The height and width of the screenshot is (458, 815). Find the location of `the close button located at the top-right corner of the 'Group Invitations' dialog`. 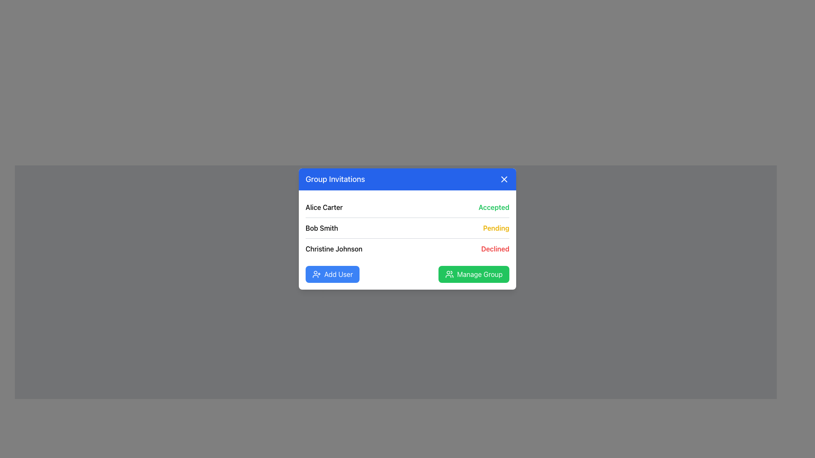

the close button located at the top-right corner of the 'Group Invitations' dialog is located at coordinates (504, 179).